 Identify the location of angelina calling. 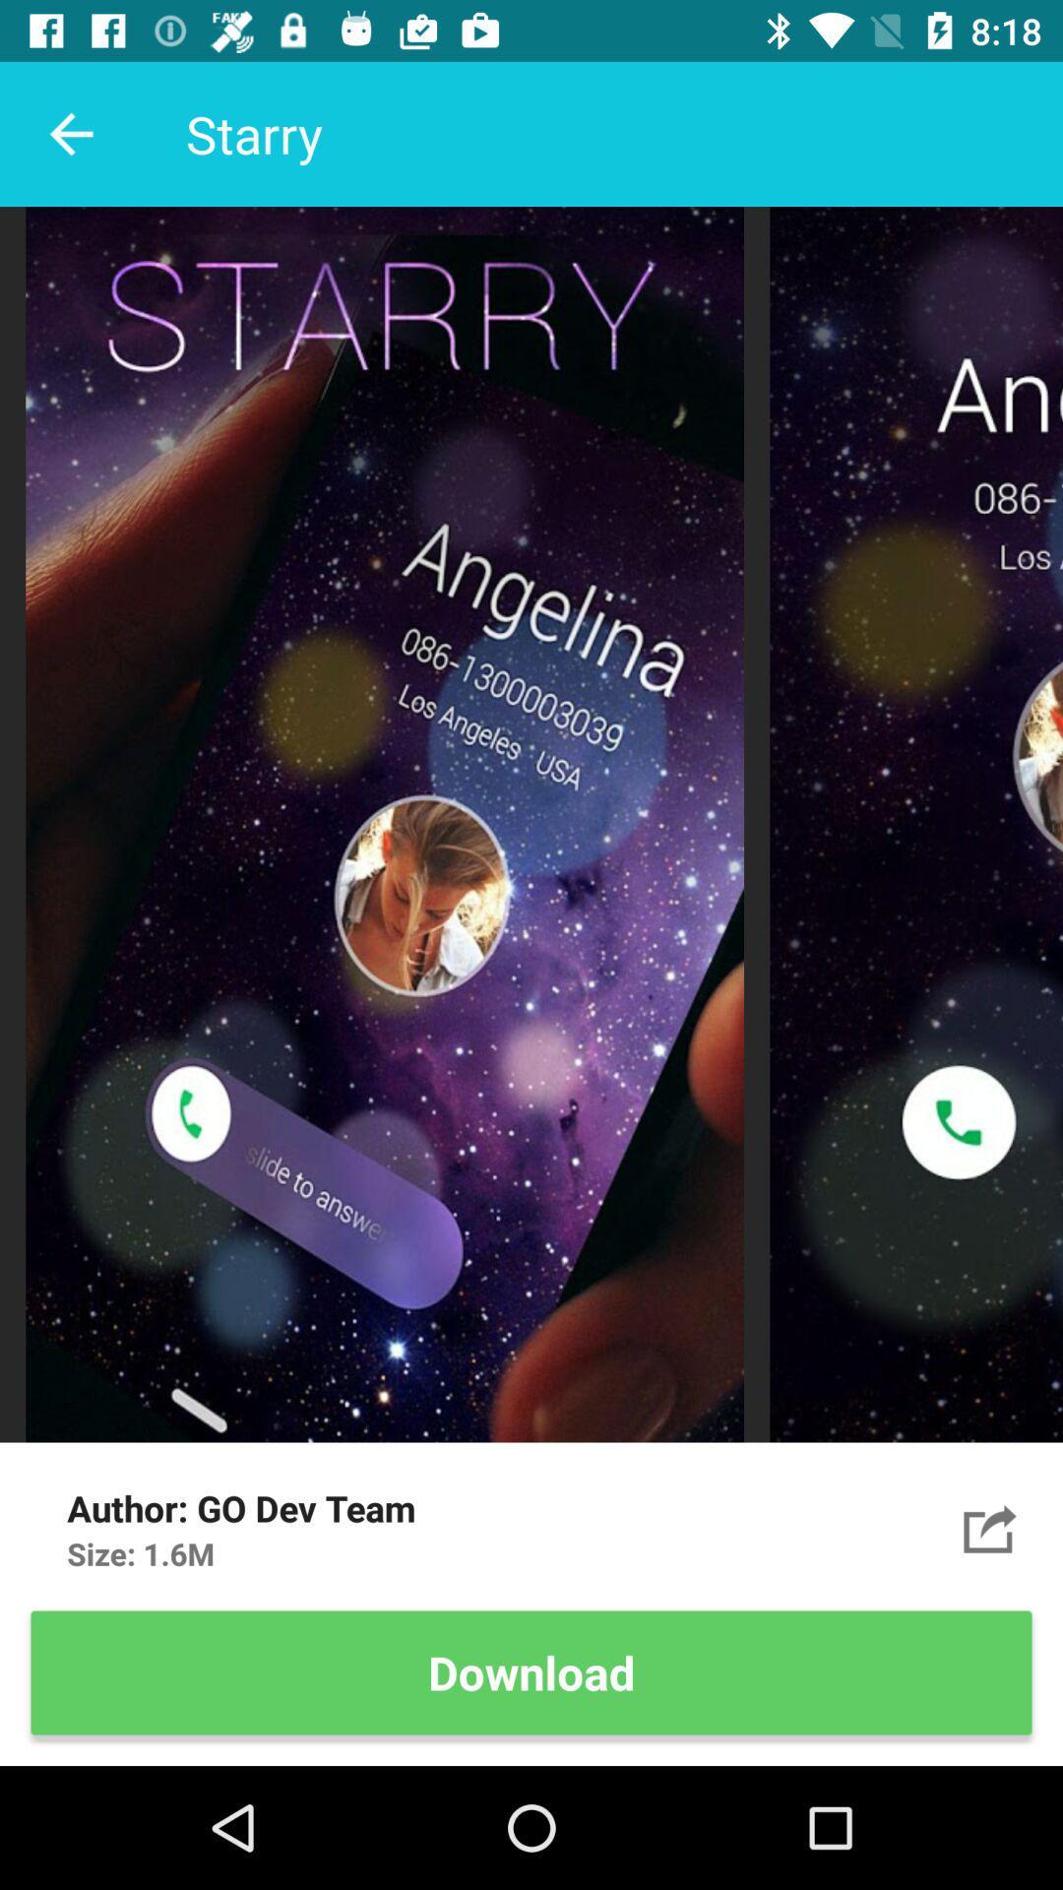
(990, 1528).